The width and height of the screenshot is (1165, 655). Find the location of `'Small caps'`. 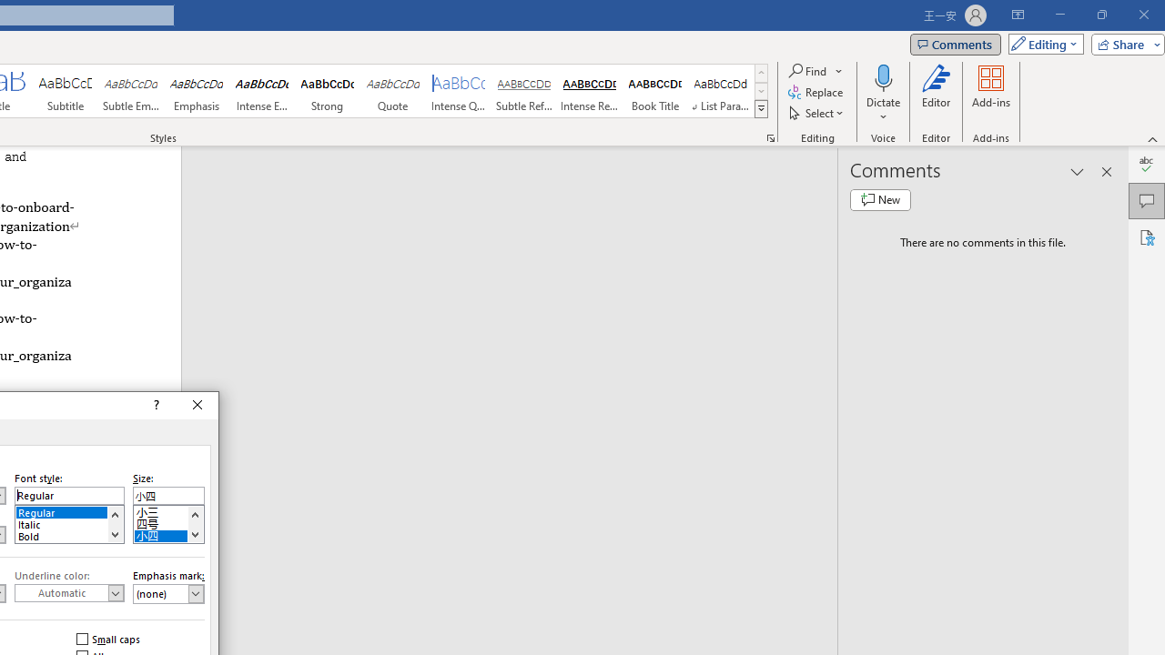

'Small caps' is located at coordinates (108, 639).